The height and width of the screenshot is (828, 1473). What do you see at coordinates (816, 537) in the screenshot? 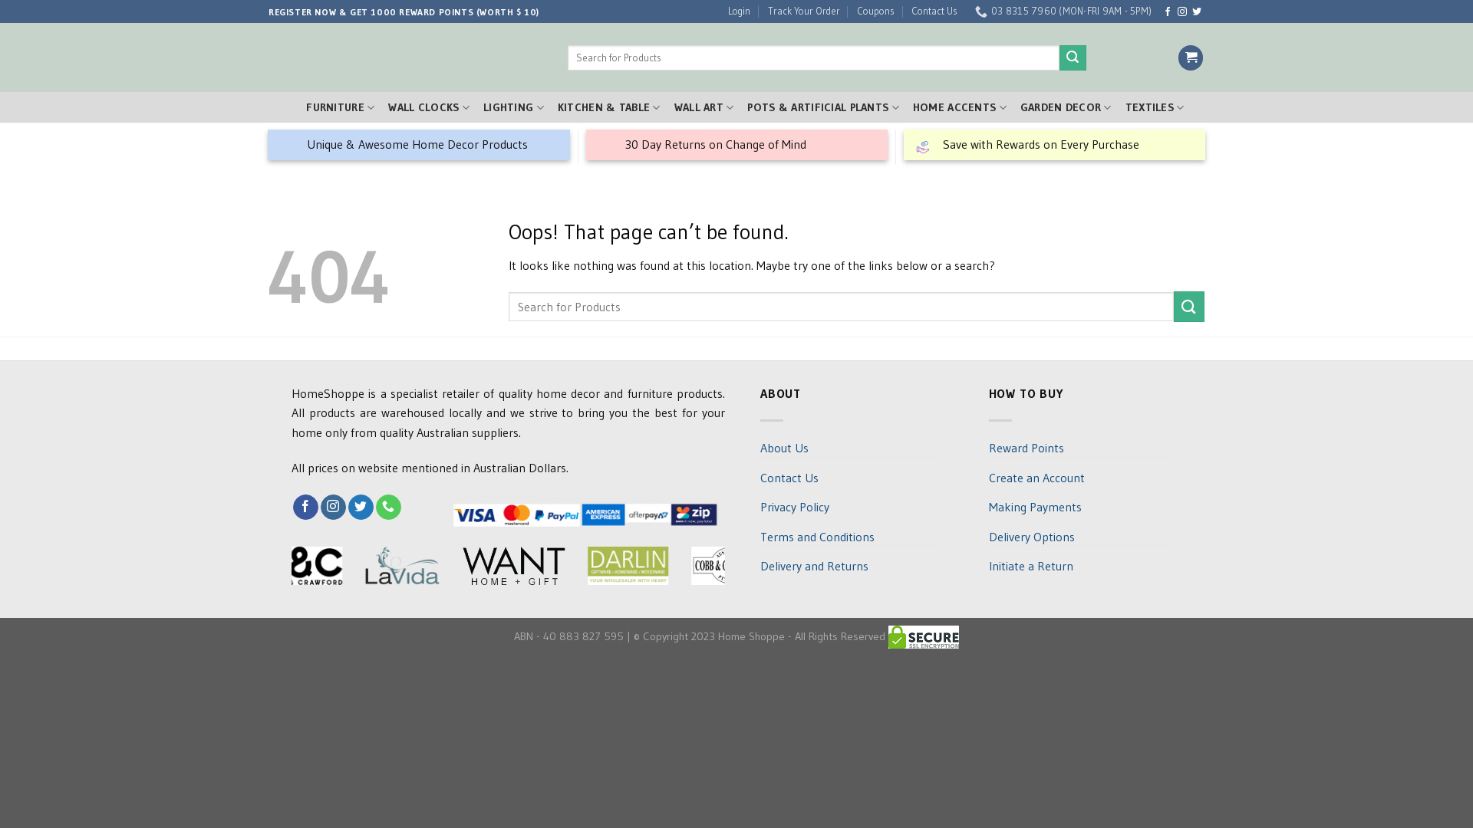
I see `'Terms and Conditions'` at bounding box center [816, 537].